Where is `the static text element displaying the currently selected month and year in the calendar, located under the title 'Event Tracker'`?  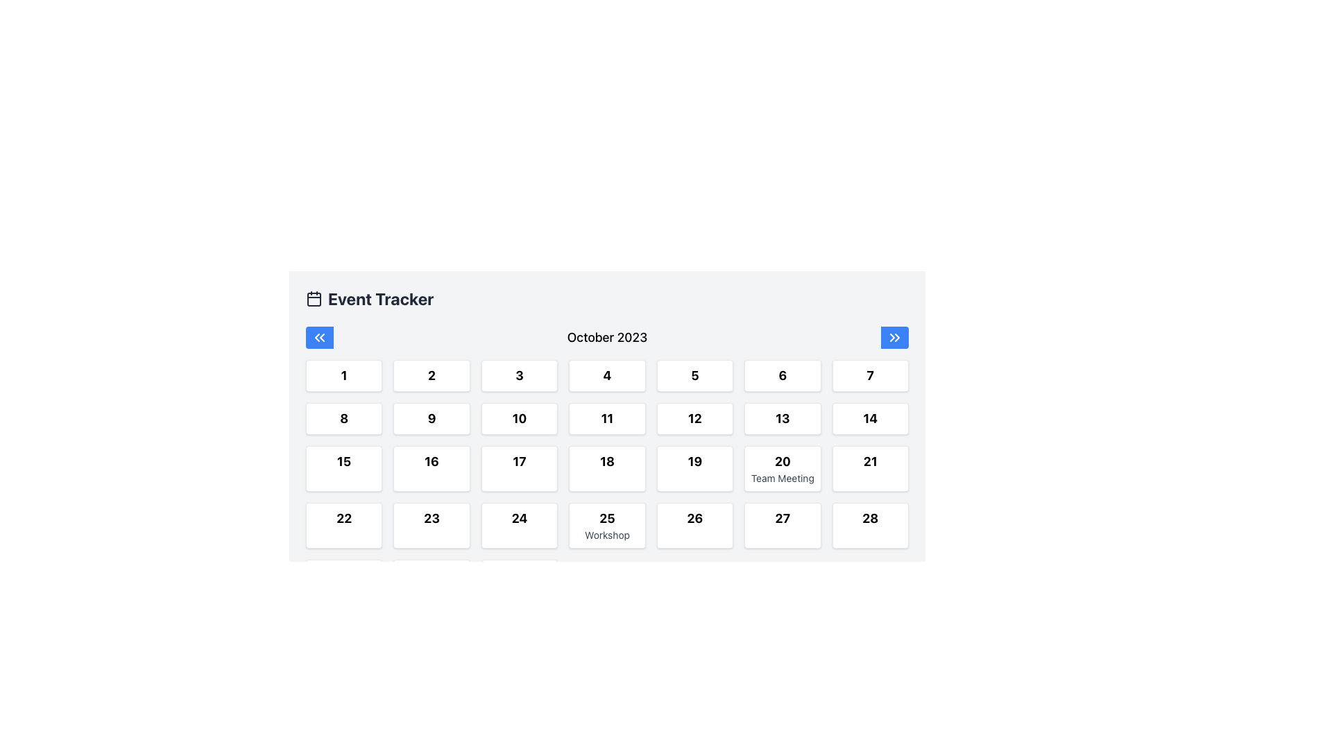 the static text element displaying the currently selected month and year in the calendar, located under the title 'Event Tracker' is located at coordinates (607, 337).